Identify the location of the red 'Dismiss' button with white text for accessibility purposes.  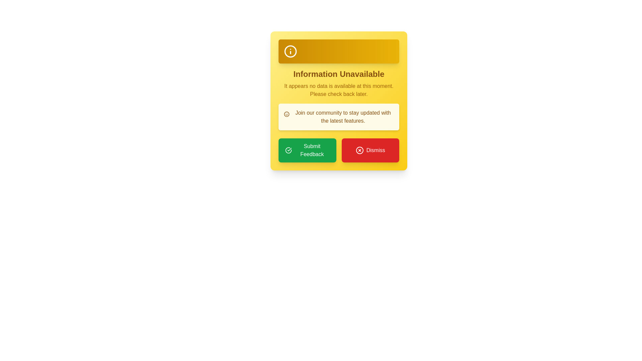
(370, 150).